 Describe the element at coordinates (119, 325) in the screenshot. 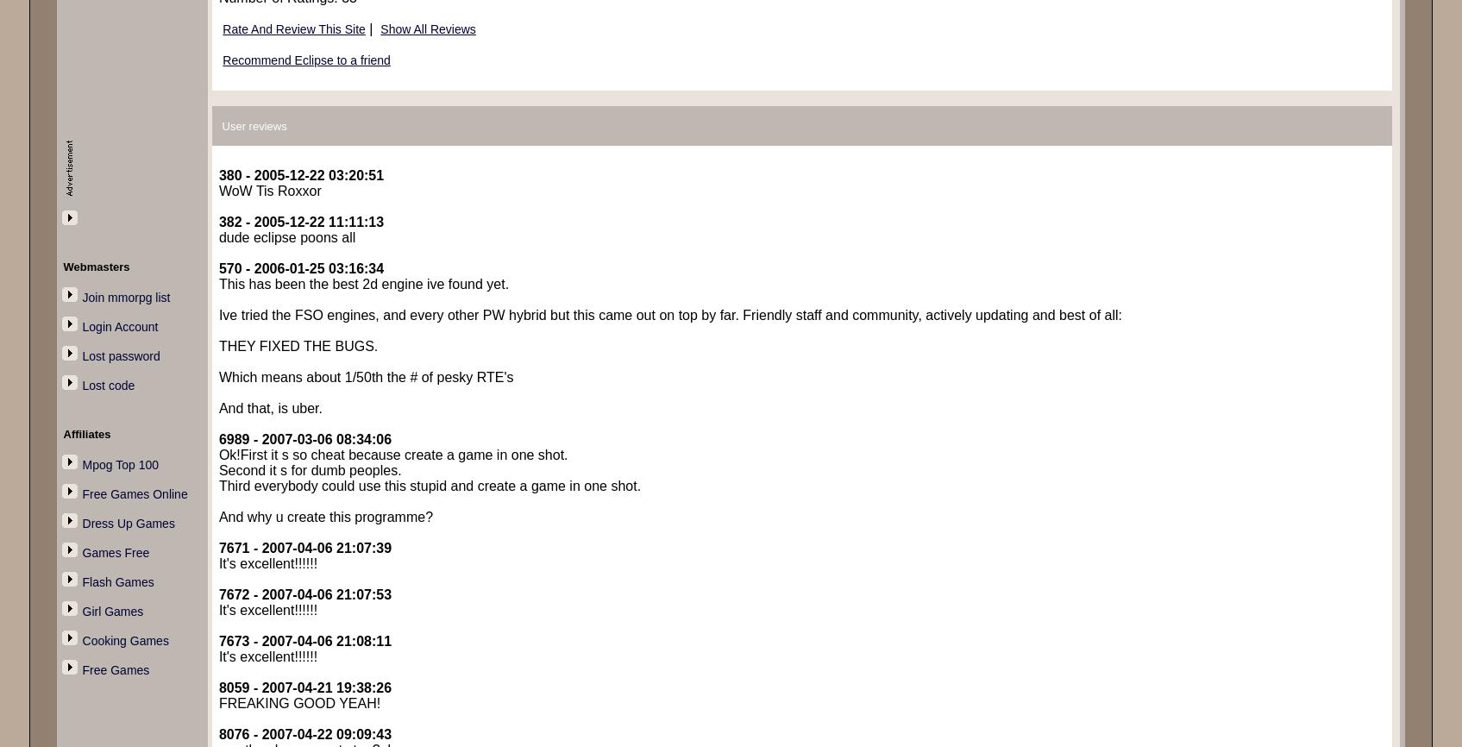

I see `'Login Account'` at that location.